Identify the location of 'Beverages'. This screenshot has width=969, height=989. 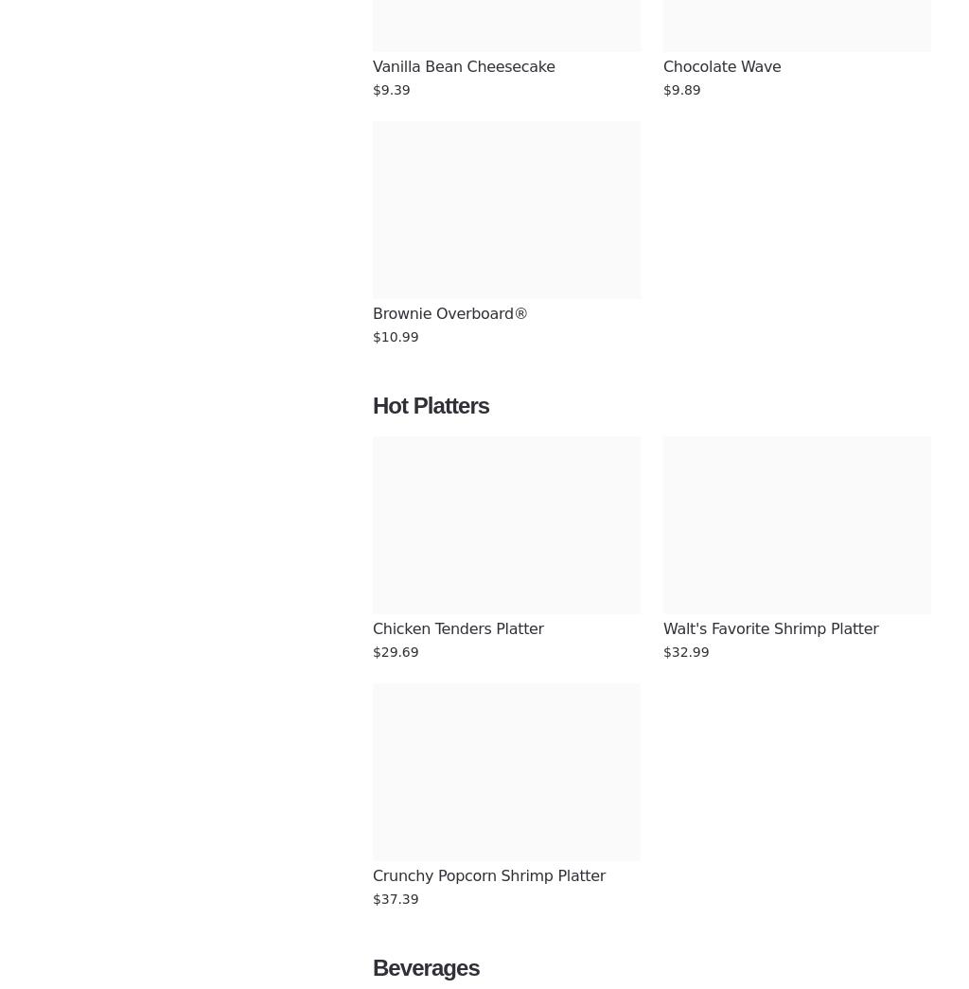
(426, 967).